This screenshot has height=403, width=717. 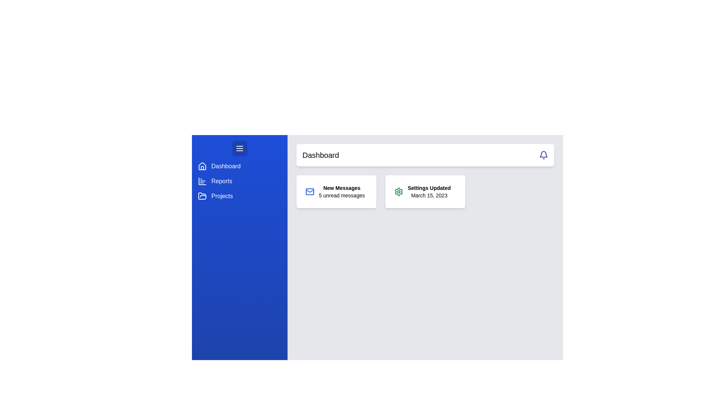 I want to click on the first text label in the vertical navigation menu located beneath the house-shaped icon, so click(x=226, y=166).